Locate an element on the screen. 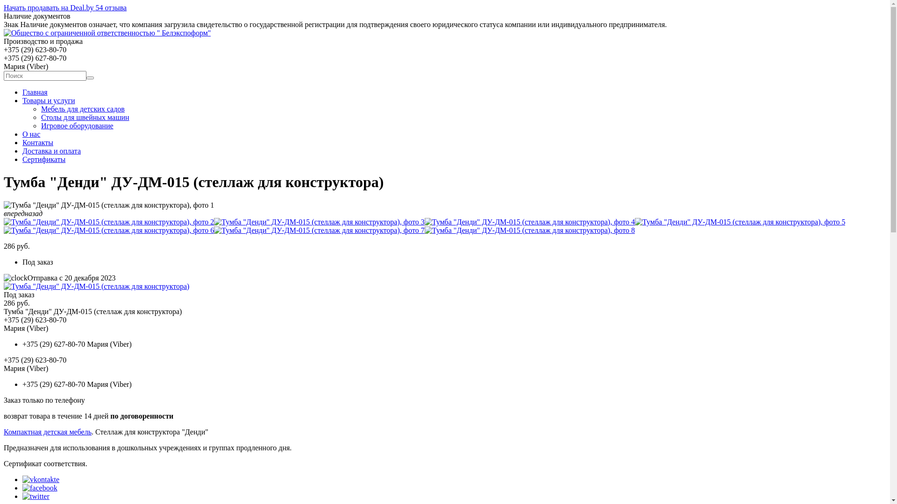 The height and width of the screenshot is (504, 897). 'facebook' is located at coordinates (39, 487).